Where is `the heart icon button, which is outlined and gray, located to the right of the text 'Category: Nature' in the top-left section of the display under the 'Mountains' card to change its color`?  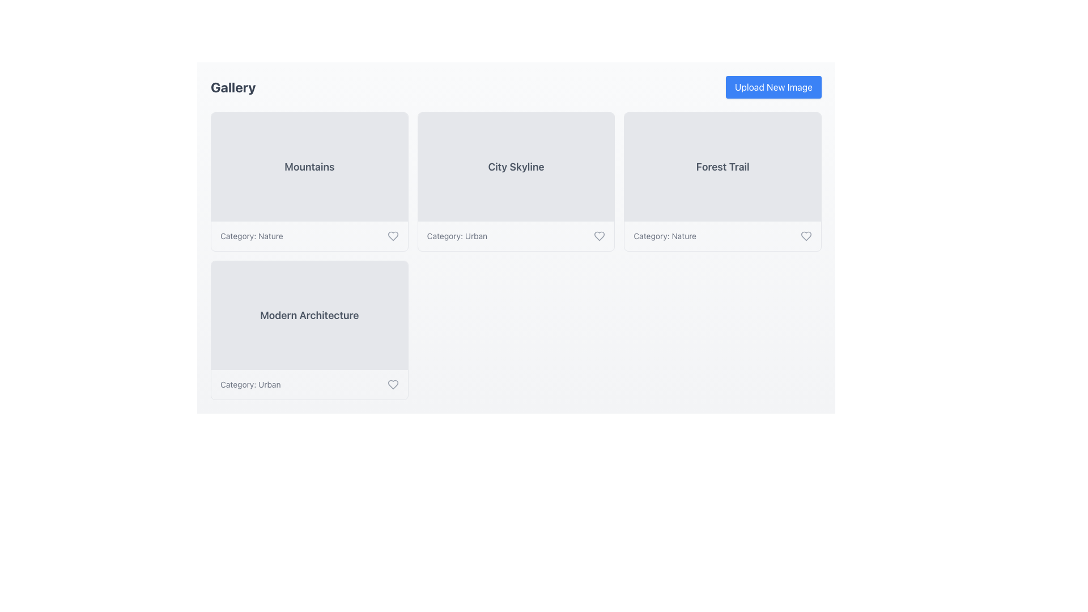
the heart icon button, which is outlined and gray, located to the right of the text 'Category: Nature' in the top-left section of the display under the 'Mountains' card to change its color is located at coordinates (393, 235).